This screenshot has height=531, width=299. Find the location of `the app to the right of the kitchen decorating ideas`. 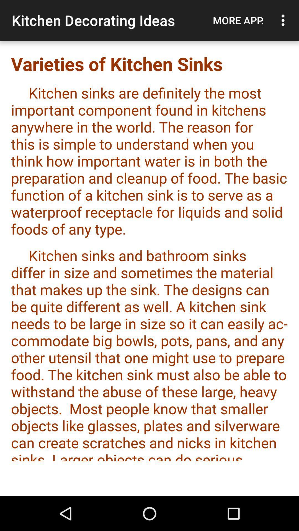

the app to the right of the kitchen decorating ideas is located at coordinates (238, 20).